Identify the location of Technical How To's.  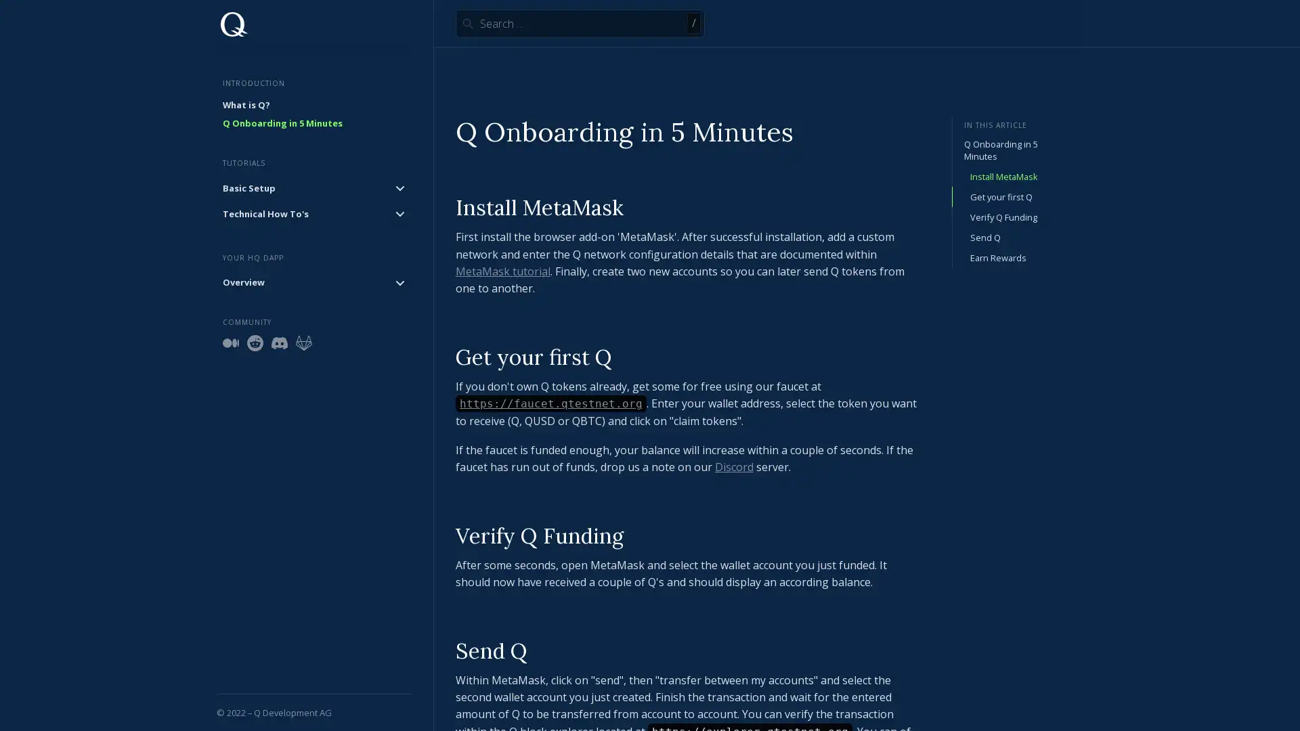
(313, 213).